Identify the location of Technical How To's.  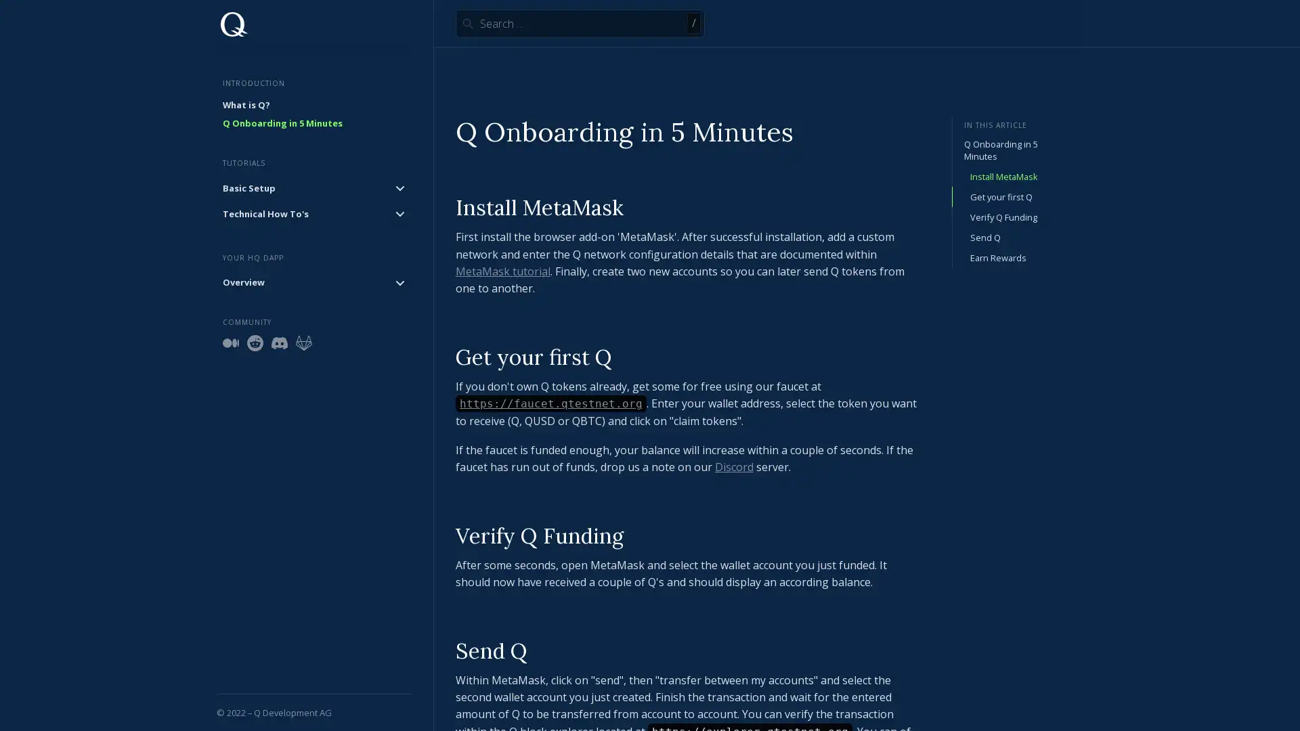
(313, 213).